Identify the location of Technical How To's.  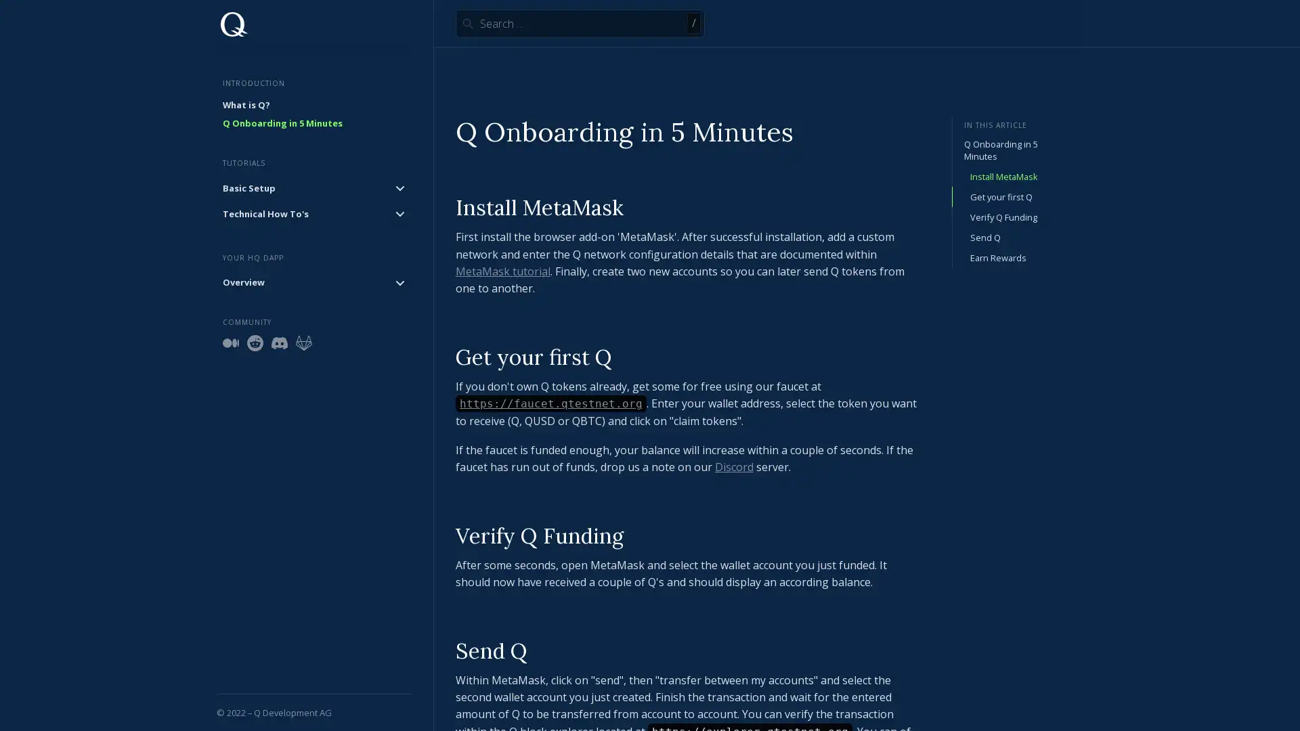
(313, 213).